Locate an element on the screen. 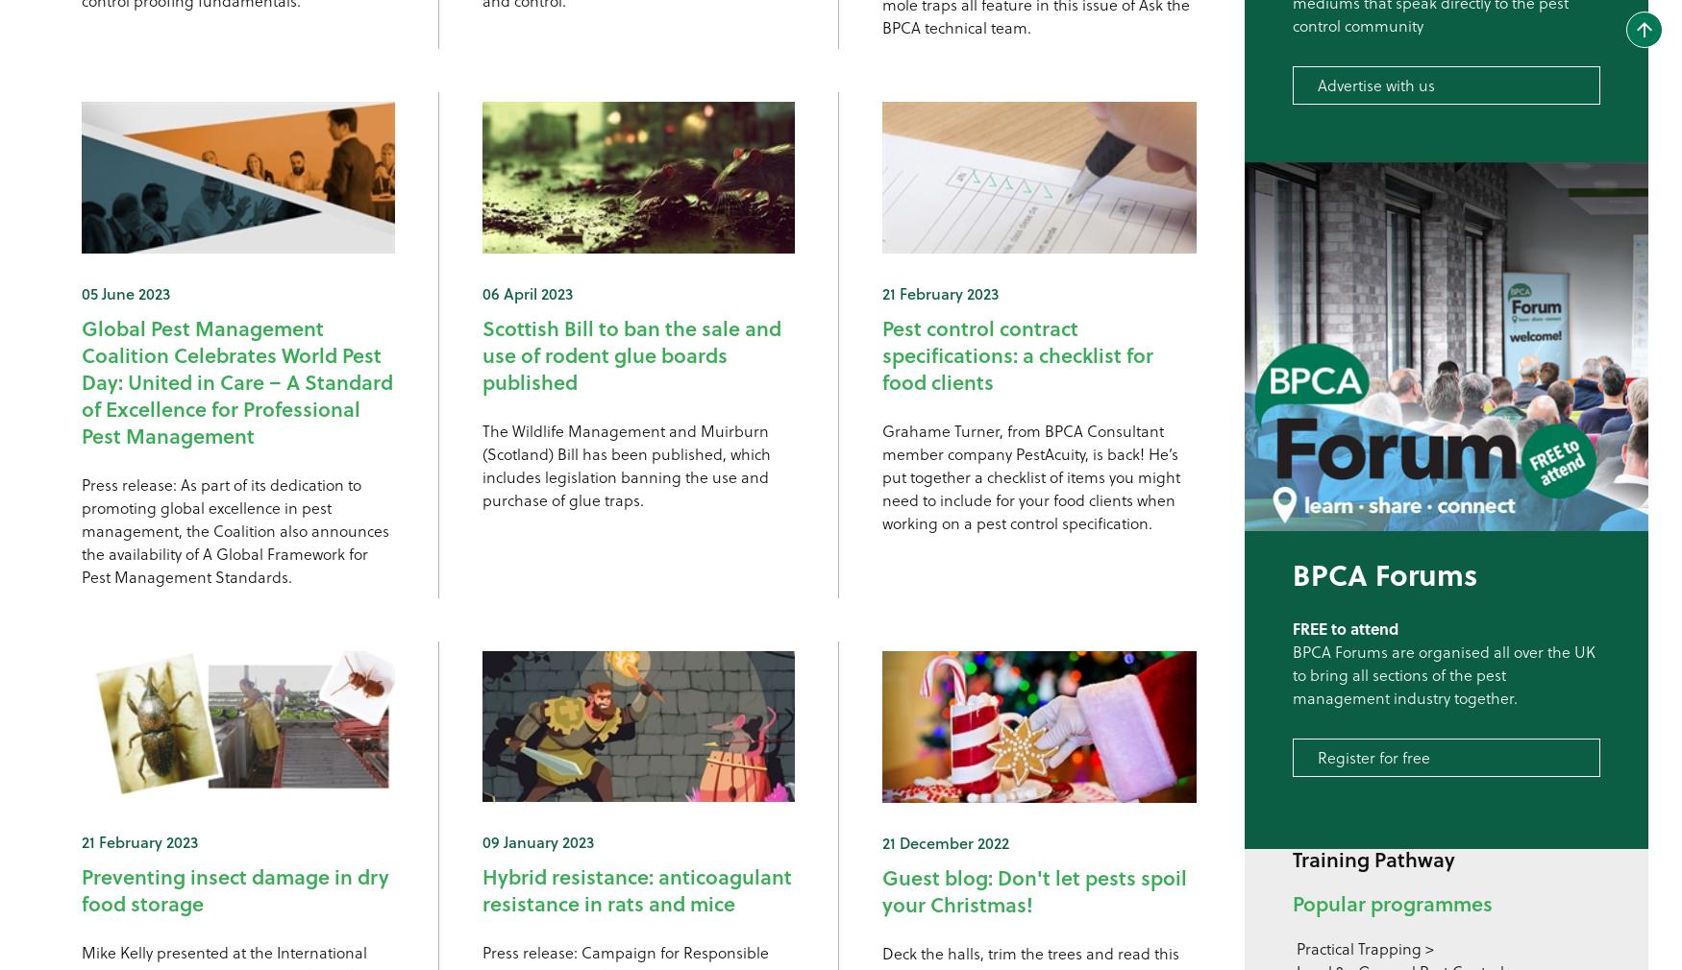 Image resolution: width=1682 pixels, height=970 pixels. 'Guest blog: Don't let pests spoil your Christmas!' is located at coordinates (1034, 889).